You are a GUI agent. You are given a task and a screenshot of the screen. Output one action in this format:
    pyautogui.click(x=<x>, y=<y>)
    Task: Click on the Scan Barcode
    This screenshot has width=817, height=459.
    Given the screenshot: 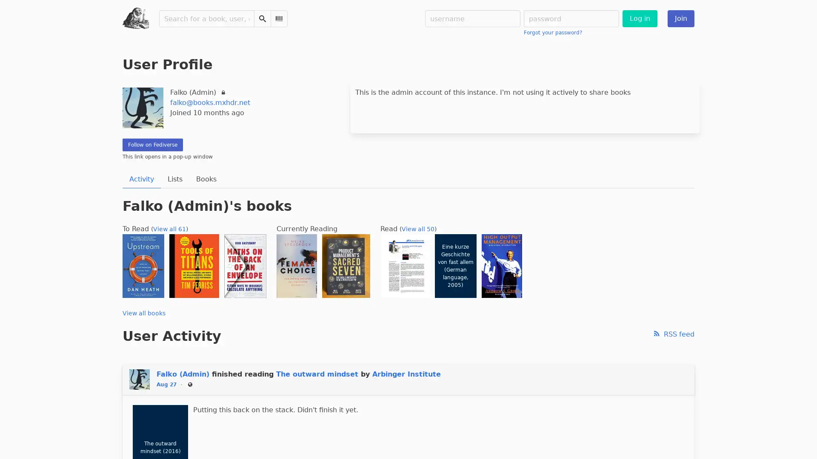 What is the action you would take?
    pyautogui.click(x=279, y=18)
    